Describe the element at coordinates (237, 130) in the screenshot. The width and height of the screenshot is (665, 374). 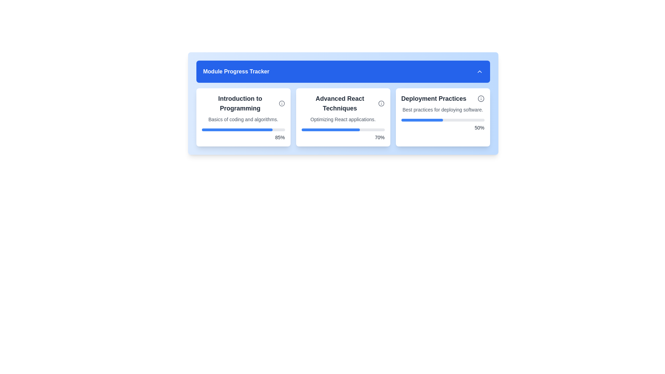
I see `the horizontal blue progress bar within the 'Introduction to Programming' card that visually communicates progress` at that location.